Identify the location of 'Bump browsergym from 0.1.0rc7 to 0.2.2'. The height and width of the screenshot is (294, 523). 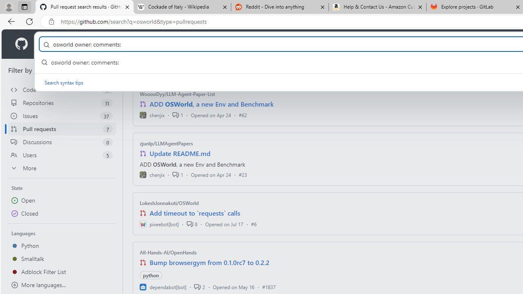
(210, 262).